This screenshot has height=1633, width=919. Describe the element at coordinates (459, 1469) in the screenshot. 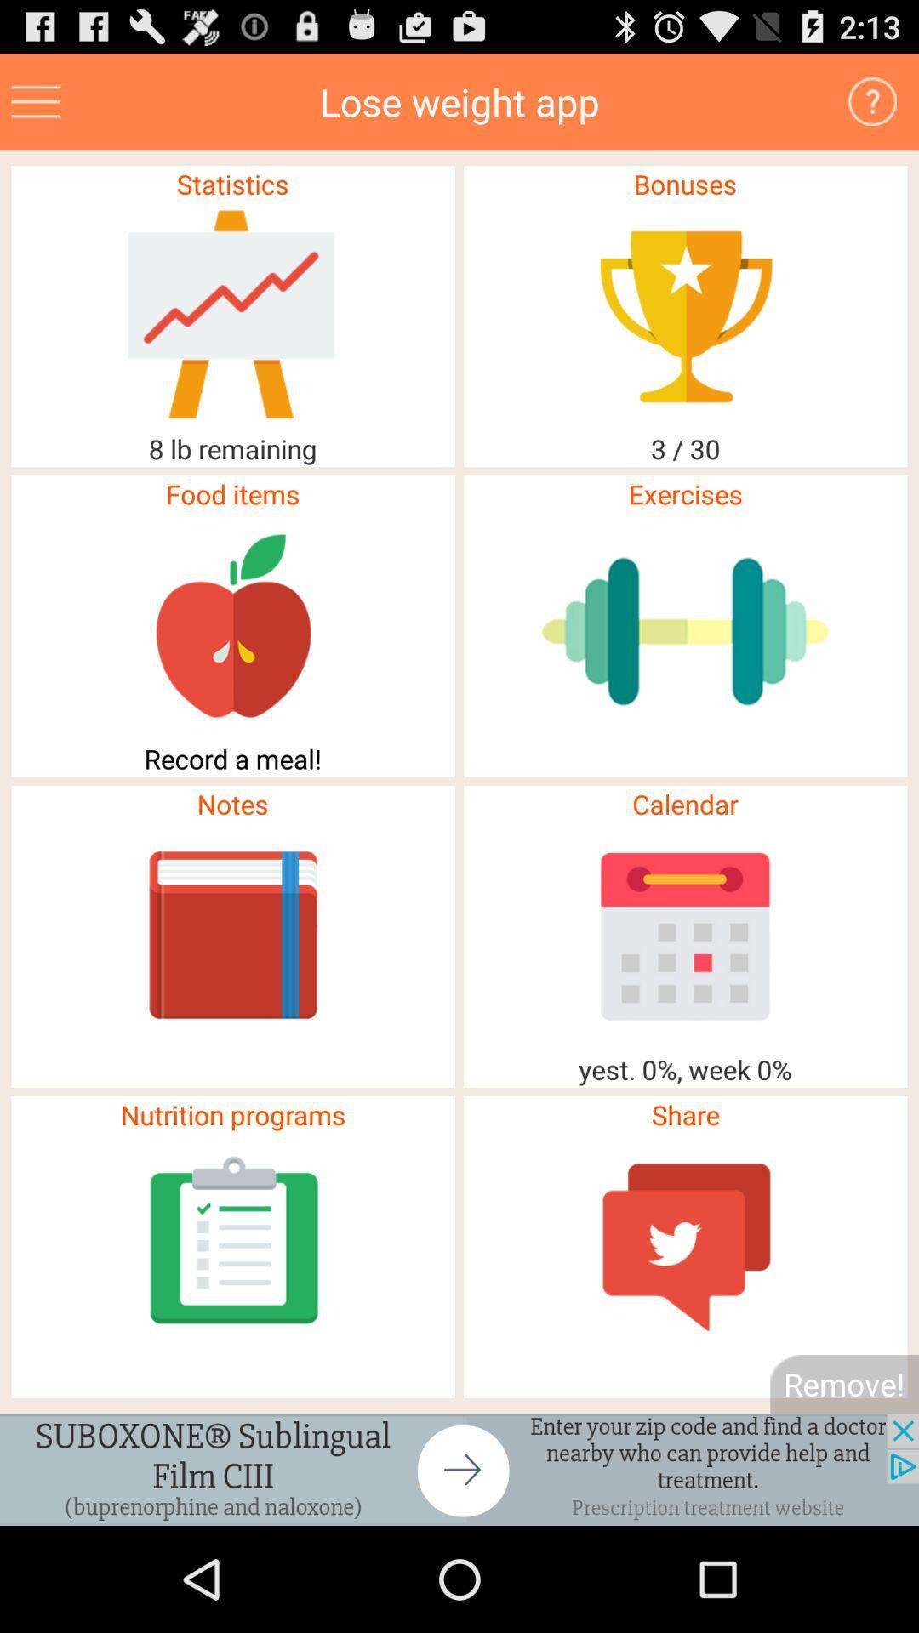

I see `go back` at that location.